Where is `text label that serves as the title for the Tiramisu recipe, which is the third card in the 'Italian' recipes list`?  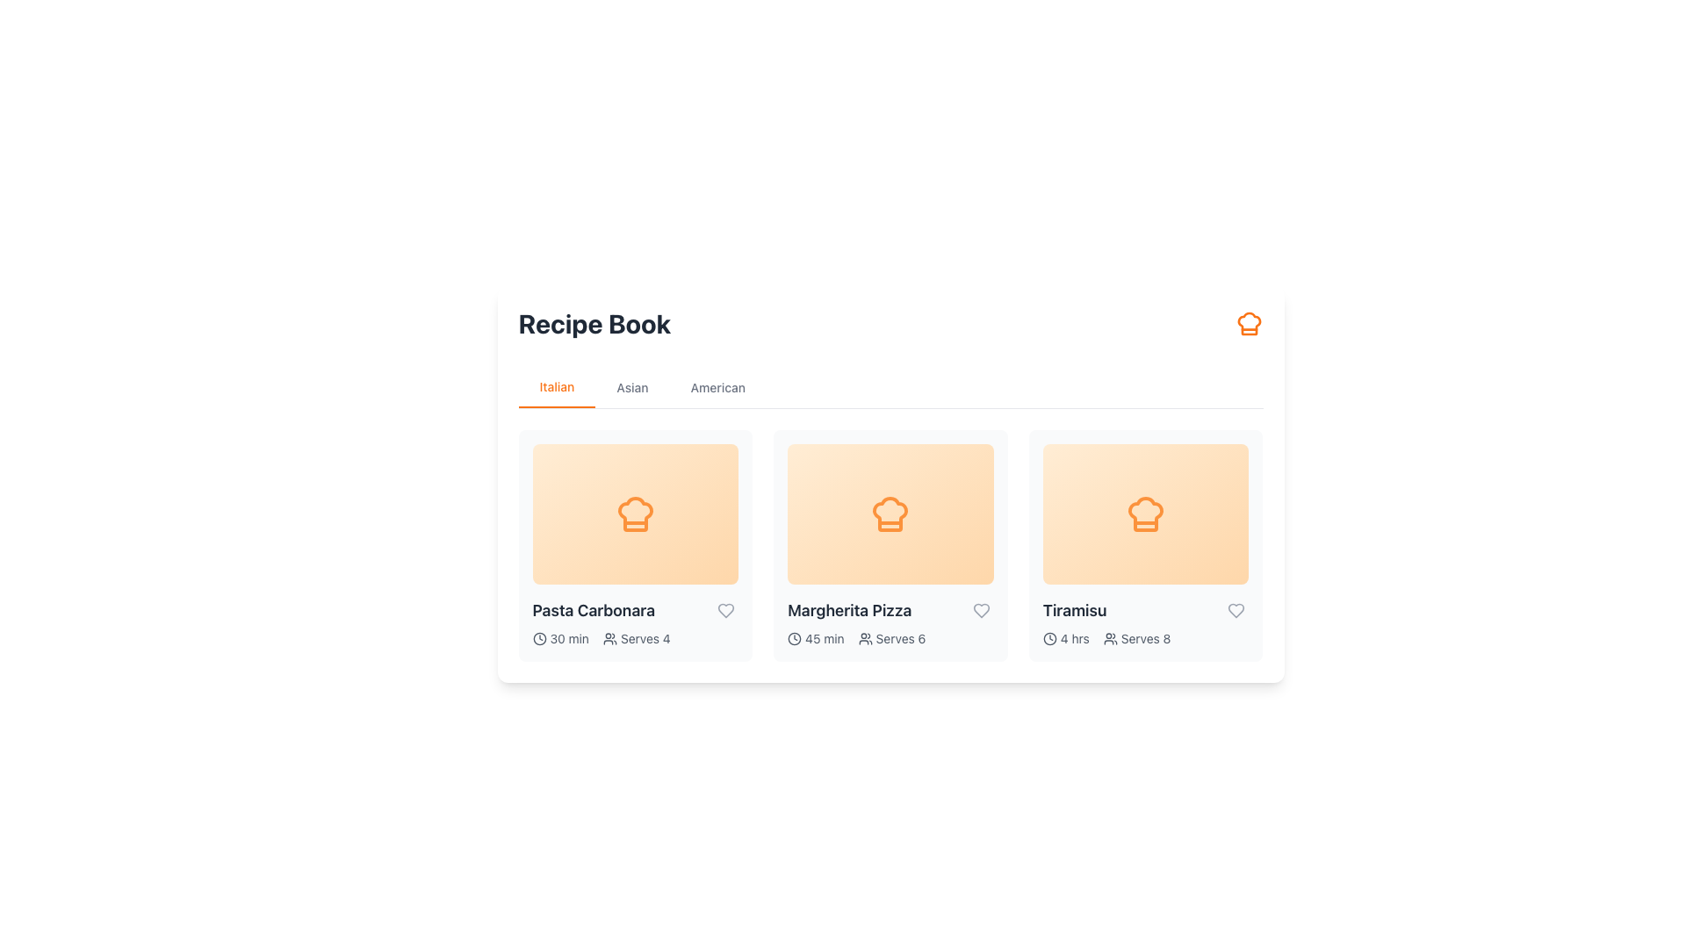
text label that serves as the title for the Tiramisu recipe, which is the third card in the 'Italian' recipes list is located at coordinates (1074, 609).